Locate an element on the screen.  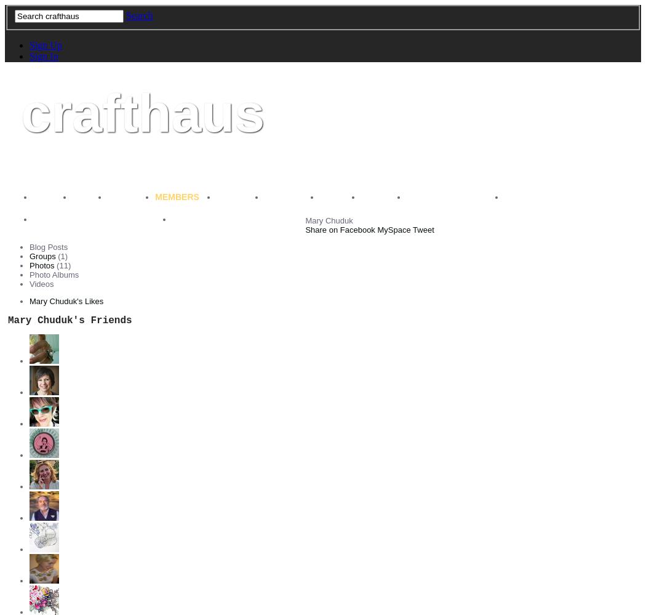
'Videos' is located at coordinates (28, 283).